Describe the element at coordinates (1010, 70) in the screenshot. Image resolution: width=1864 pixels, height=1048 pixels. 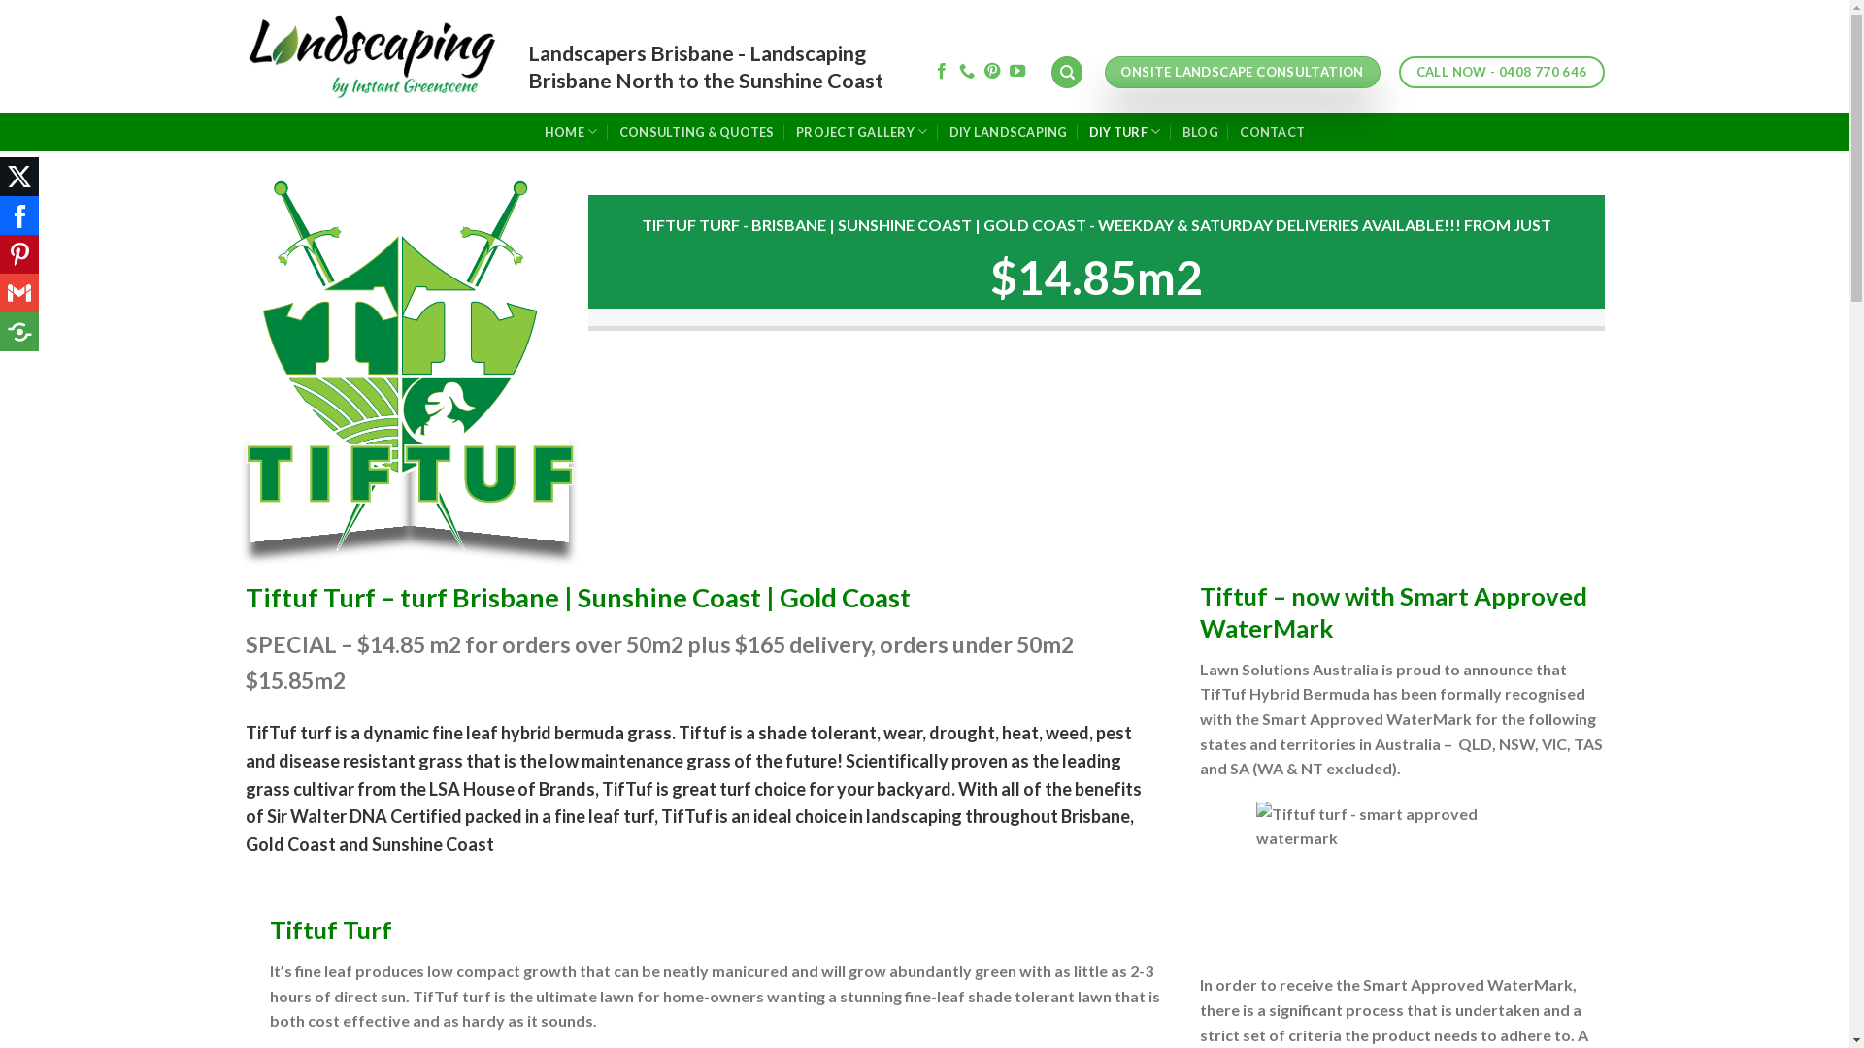
I see `'Follow on YouTube'` at that location.